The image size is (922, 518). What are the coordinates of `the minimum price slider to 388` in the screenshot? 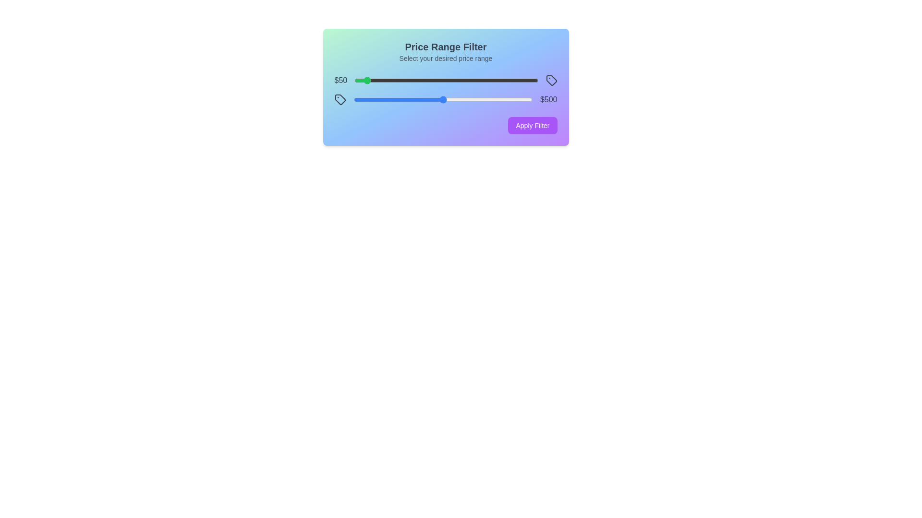 It's located at (425, 80).